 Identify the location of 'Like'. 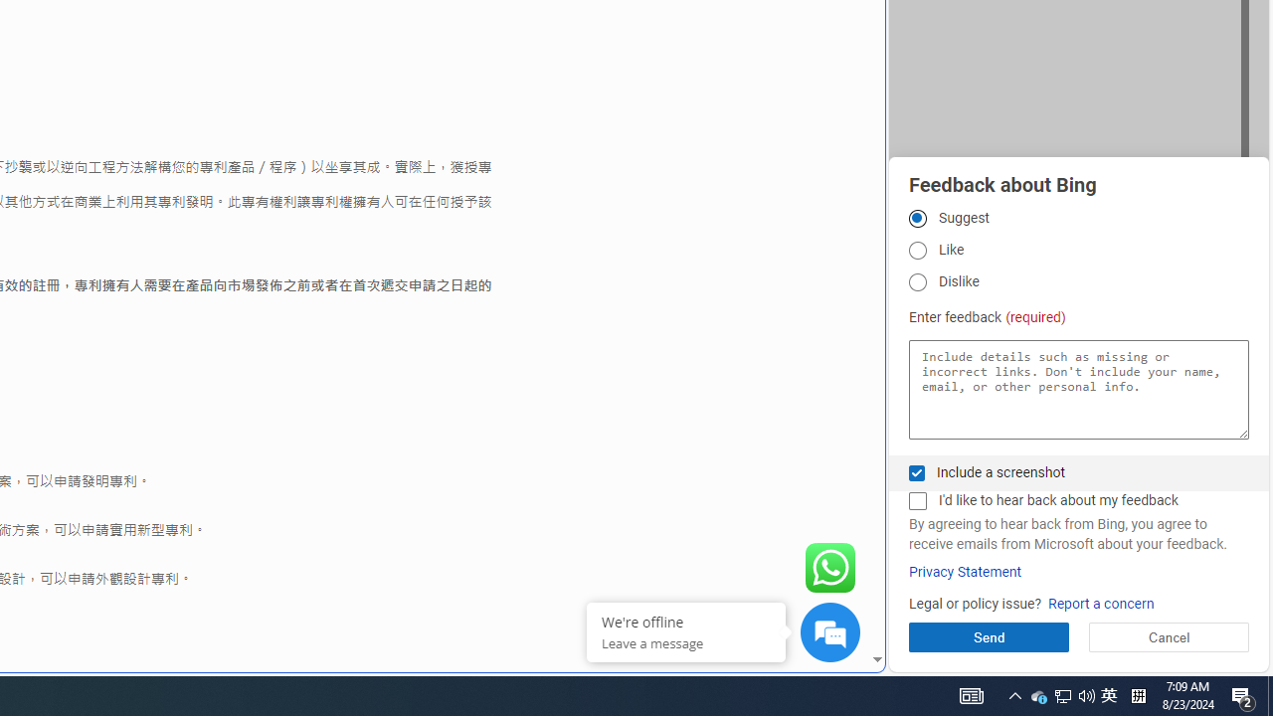
(916, 249).